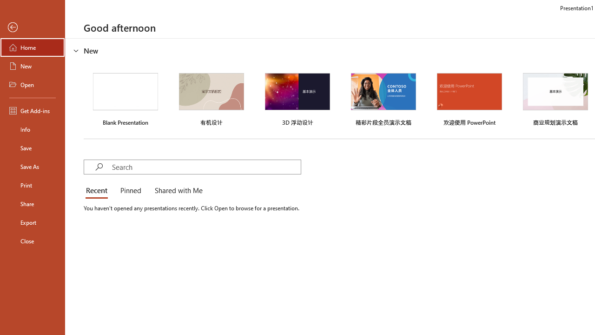  I want to click on 'Save As', so click(32, 166).